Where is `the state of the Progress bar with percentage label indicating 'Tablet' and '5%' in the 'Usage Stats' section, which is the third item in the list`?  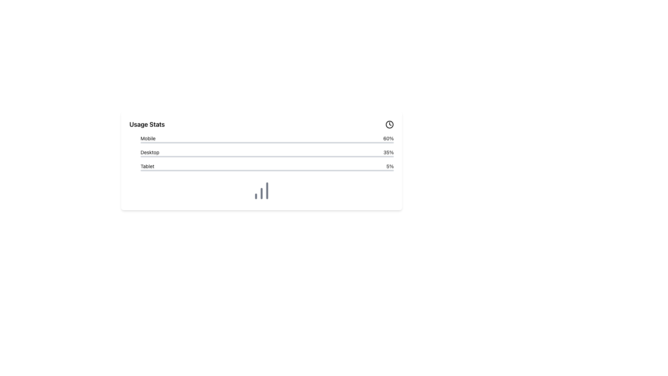
the state of the Progress bar with percentage label indicating 'Tablet' and '5%' in the 'Usage Stats' section, which is the third item in the list is located at coordinates (267, 167).